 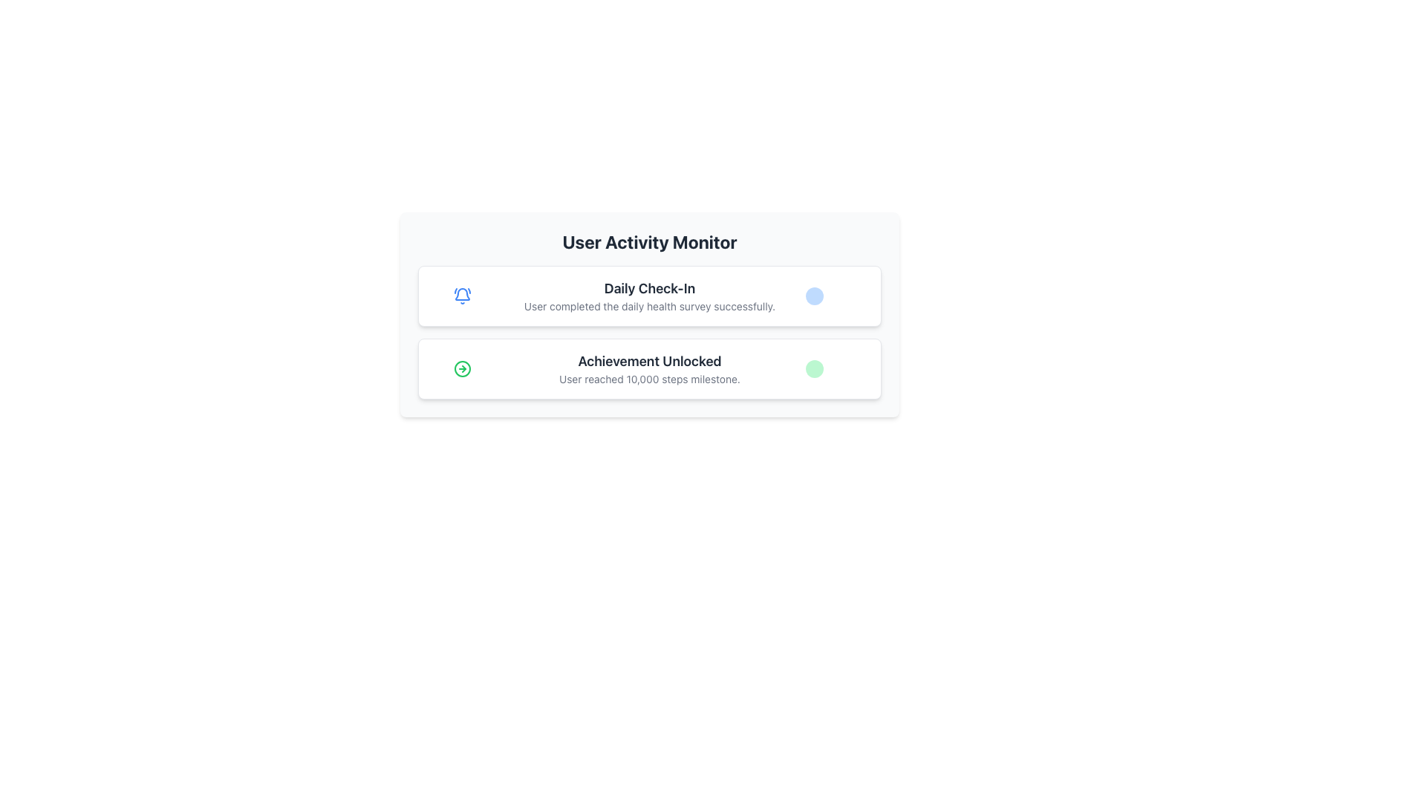 What do you see at coordinates (814, 368) in the screenshot?
I see `the badge indicating 'Achievement Unlocked' located in the top-right corner of the section adjacent to the text 'User reached 10,000 steps milestone'` at bounding box center [814, 368].